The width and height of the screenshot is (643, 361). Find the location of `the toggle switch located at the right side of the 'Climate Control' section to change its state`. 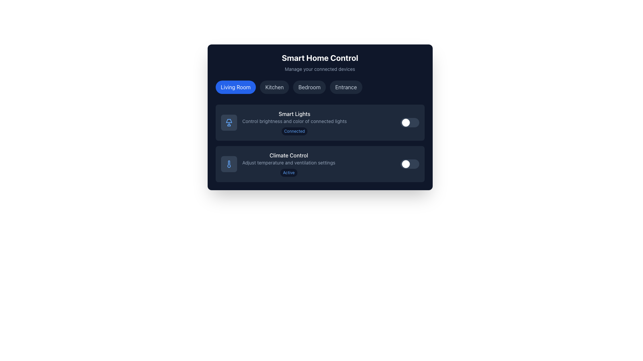

the toggle switch located at the right side of the 'Climate Control' section to change its state is located at coordinates (409, 164).